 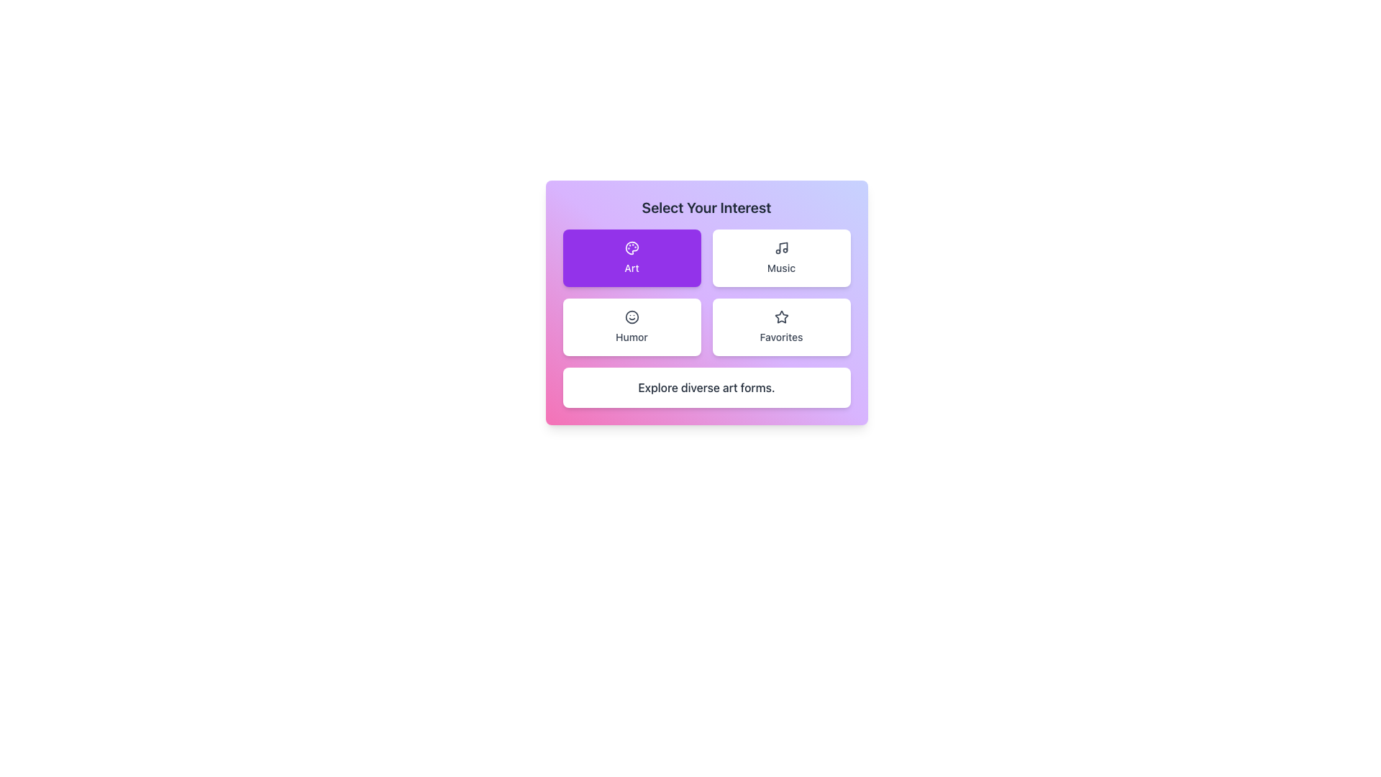 I want to click on the purple button with rounded corners containing a painter's palette icon and the word 'Art' written in white text, so click(x=632, y=257).